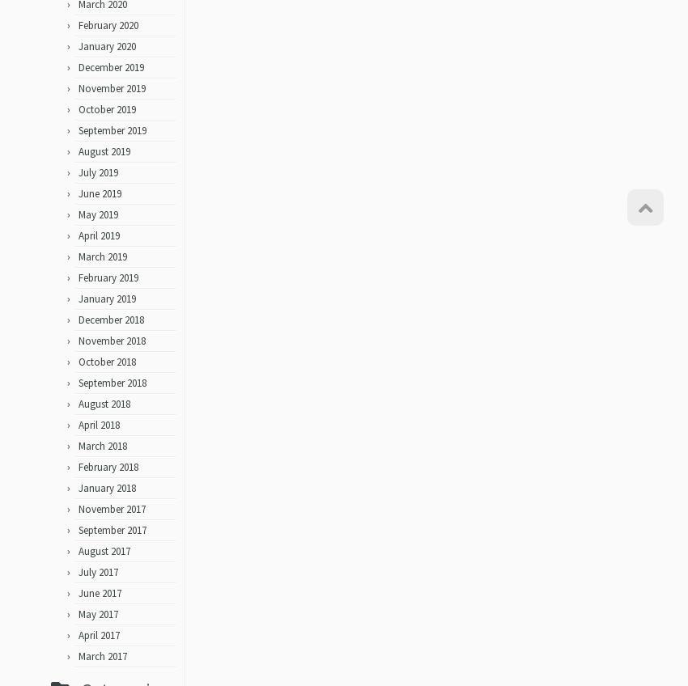 The image size is (688, 686). I want to click on 'August 2017', so click(104, 556).